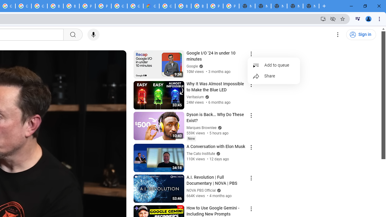 Image resolution: width=386 pixels, height=217 pixels. I want to click on 'Browse Chrome as a guest - Computer - Google Chrome Help', so click(55, 6).